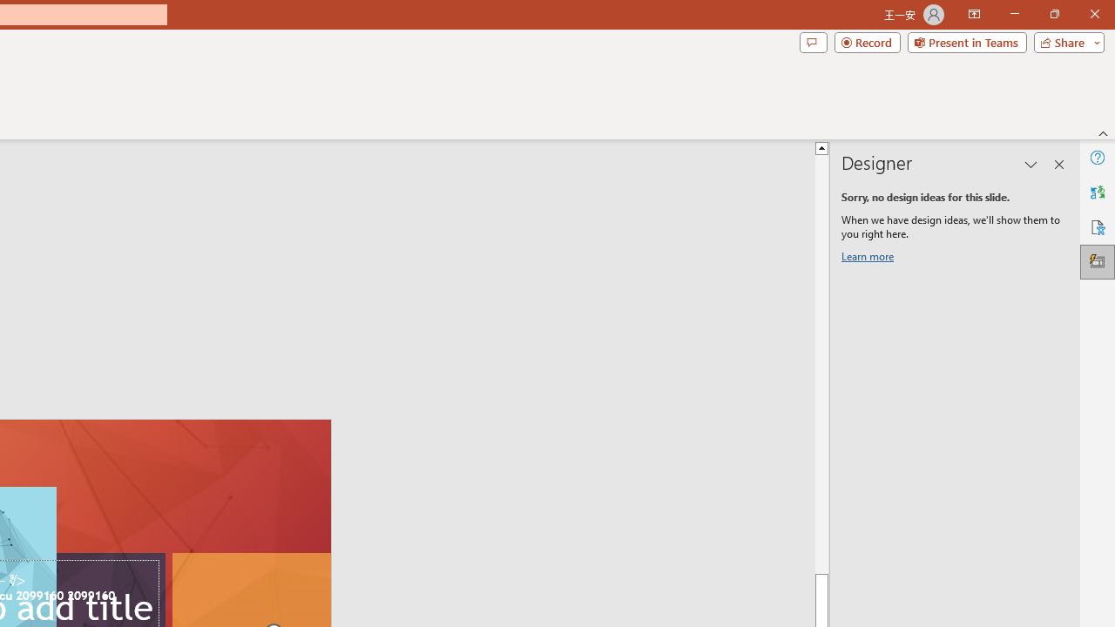  I want to click on 'Restore Down', so click(1053, 14).